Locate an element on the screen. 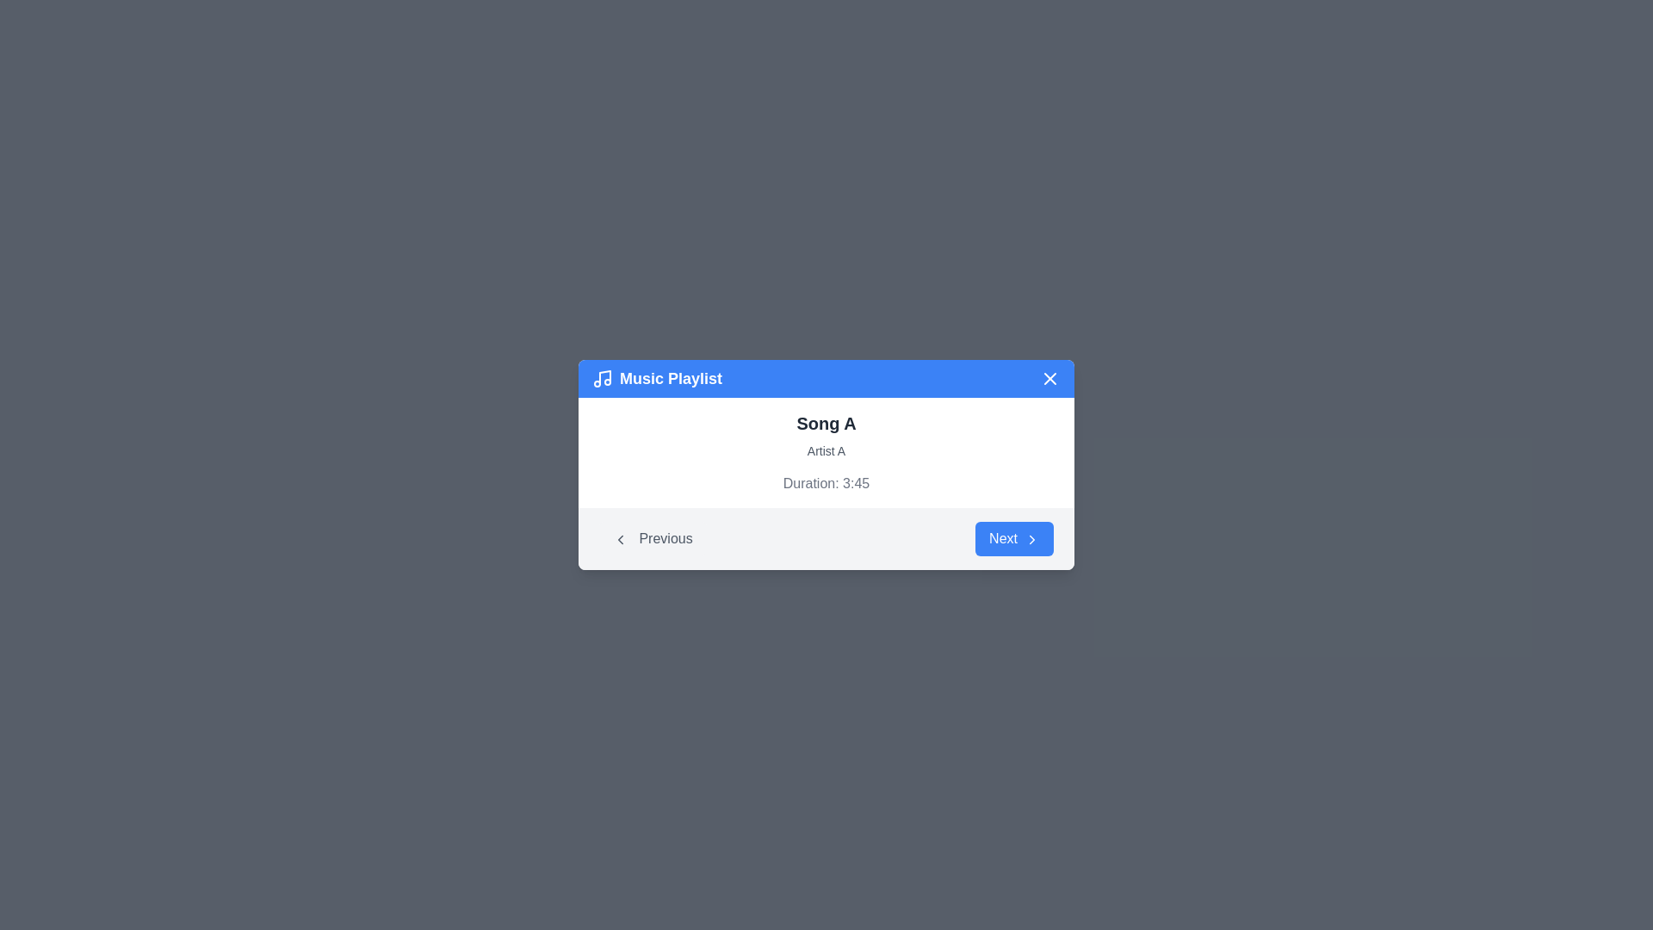 This screenshot has height=930, width=1653. the chevron icon located within the 'Previous' button in the bottom-left area of the interface dialog is located at coordinates (620, 537).